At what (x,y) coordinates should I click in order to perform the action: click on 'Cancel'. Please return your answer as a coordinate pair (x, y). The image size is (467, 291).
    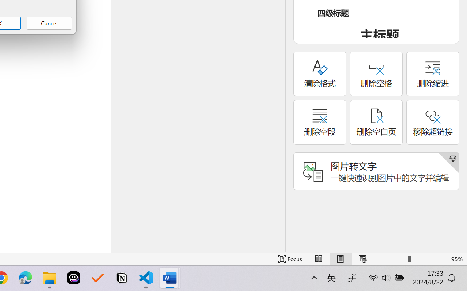
    Looking at the image, I should click on (49, 23).